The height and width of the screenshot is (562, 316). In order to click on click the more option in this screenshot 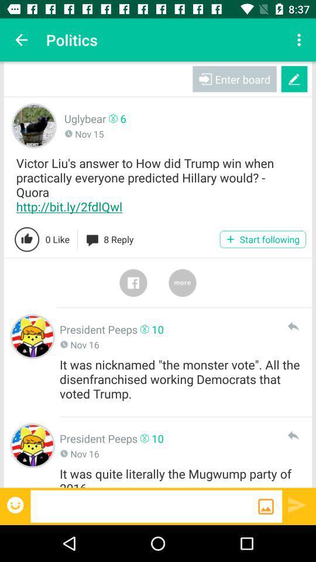, I will do `click(183, 282)`.